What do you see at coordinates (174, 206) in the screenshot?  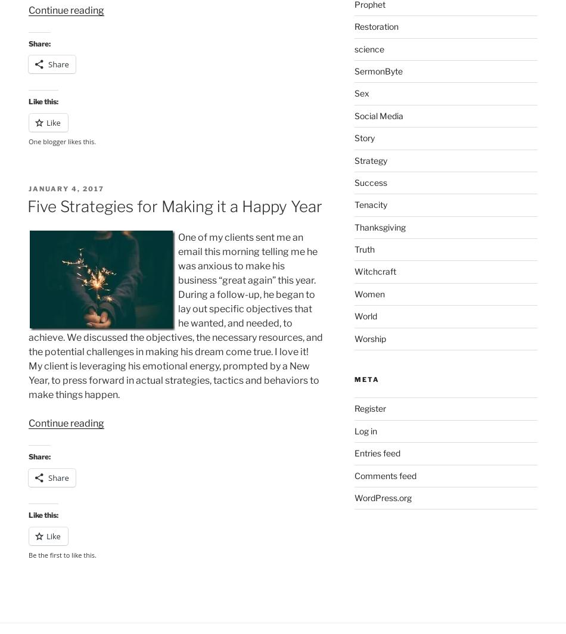 I see `'Five Strategies for Making it a Happy Year'` at bounding box center [174, 206].